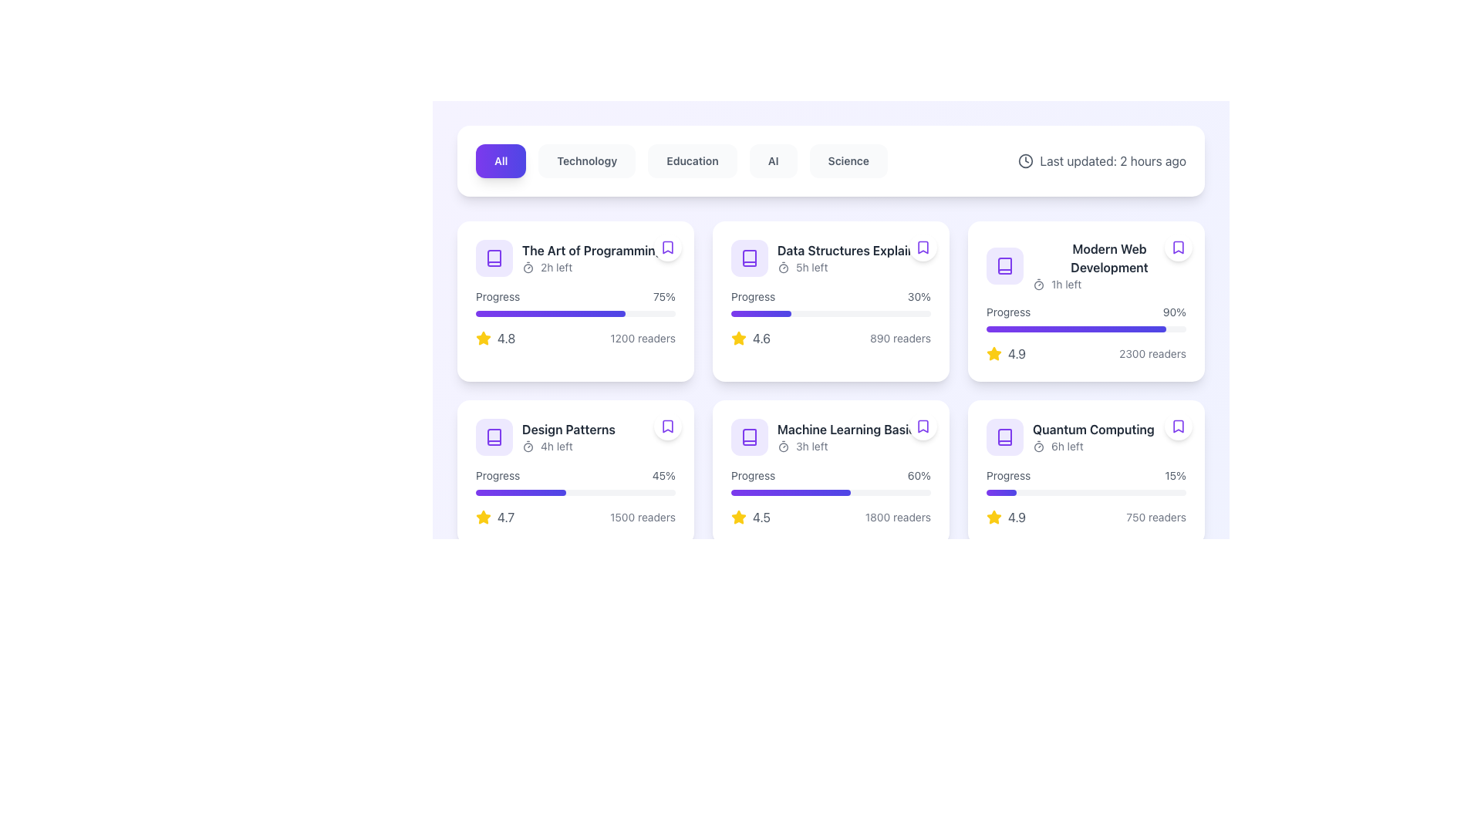 The height and width of the screenshot is (833, 1481). Describe the element at coordinates (494, 437) in the screenshot. I see `the book or course icon located in the top left corner of the card in the second row, first column of the grid layout, which has a light violet background and rounded borders` at that location.